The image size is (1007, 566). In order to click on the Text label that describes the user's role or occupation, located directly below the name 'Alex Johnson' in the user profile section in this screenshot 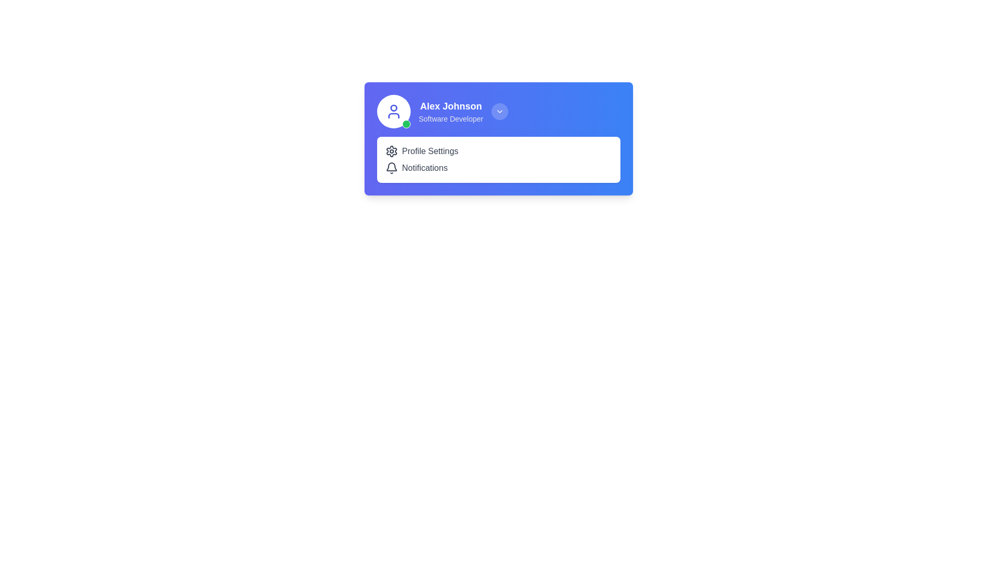, I will do `click(451, 118)`.